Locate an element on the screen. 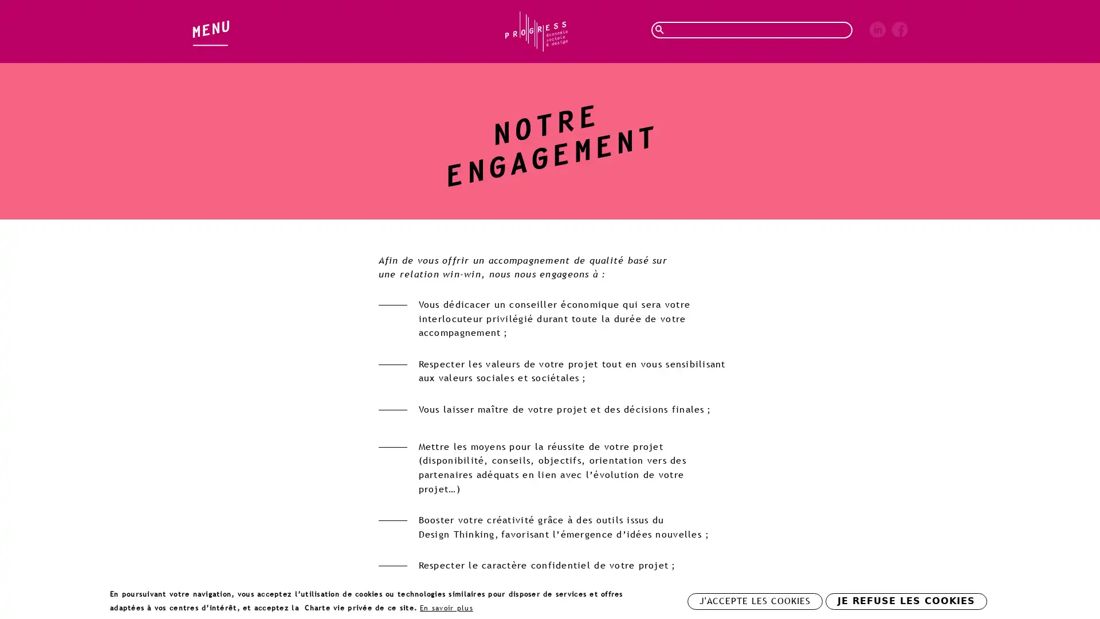  En savoir plus is located at coordinates (445, 607).